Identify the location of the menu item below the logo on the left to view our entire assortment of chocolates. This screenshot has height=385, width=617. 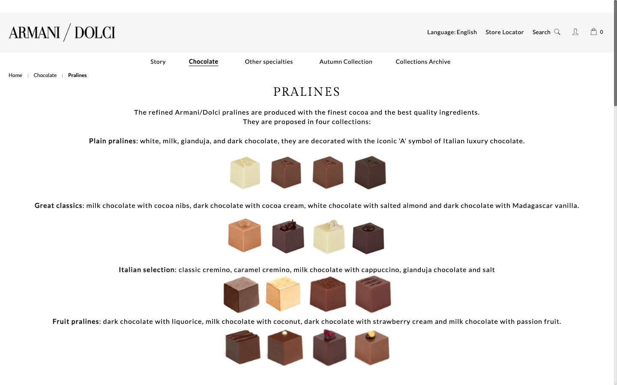
(45, 75).